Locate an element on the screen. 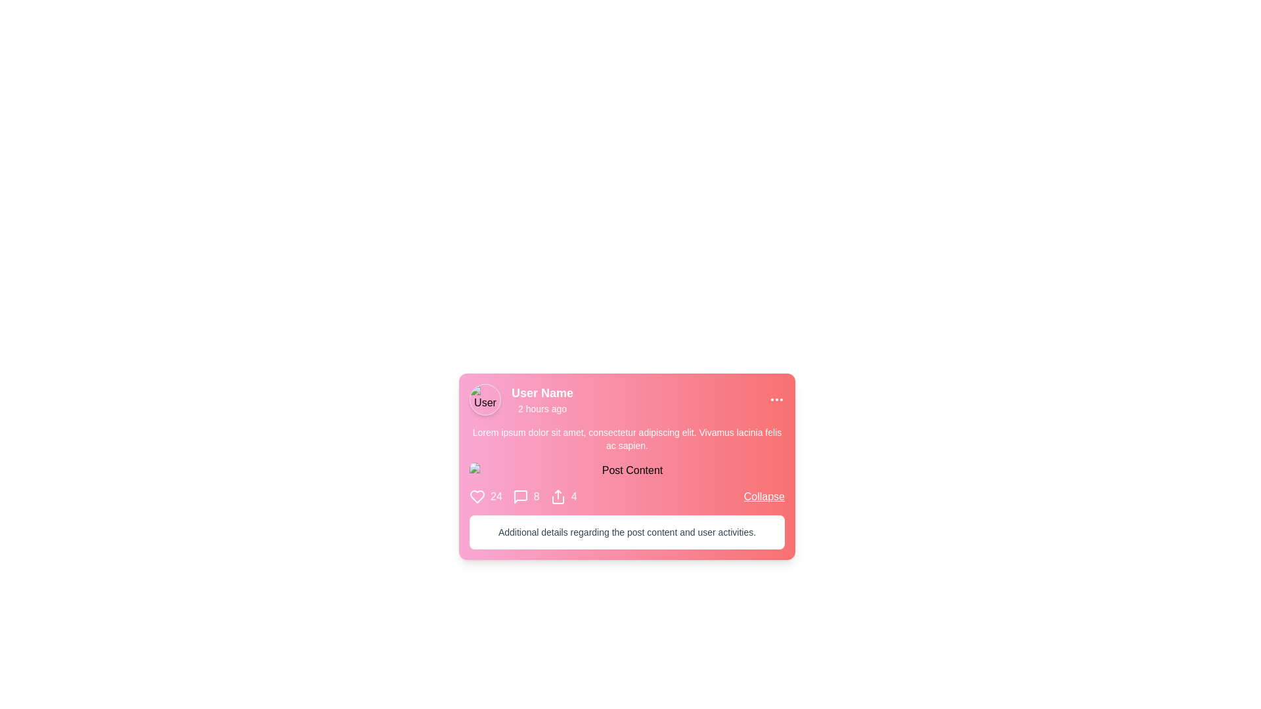  the heart icon button located at the bottom left edge of the main post card interface is located at coordinates (476, 496).